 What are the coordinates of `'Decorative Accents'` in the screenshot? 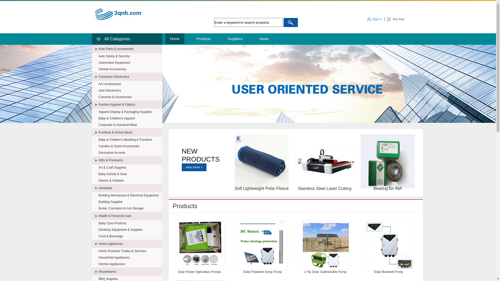 It's located at (130, 152).